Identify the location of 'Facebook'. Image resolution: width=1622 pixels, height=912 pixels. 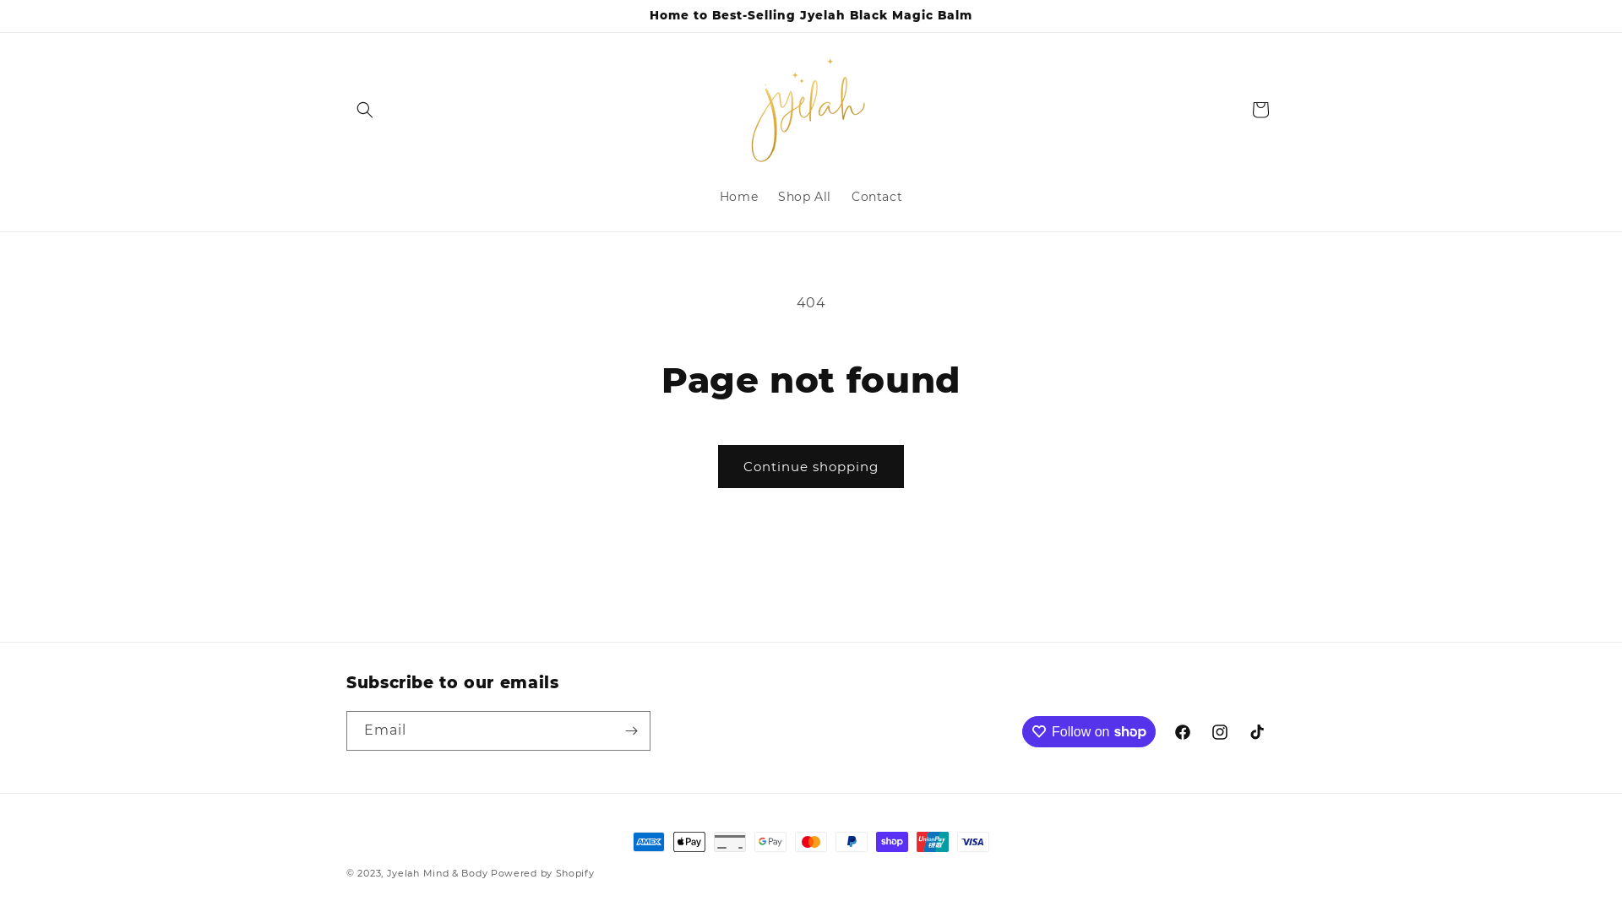
(1162, 731).